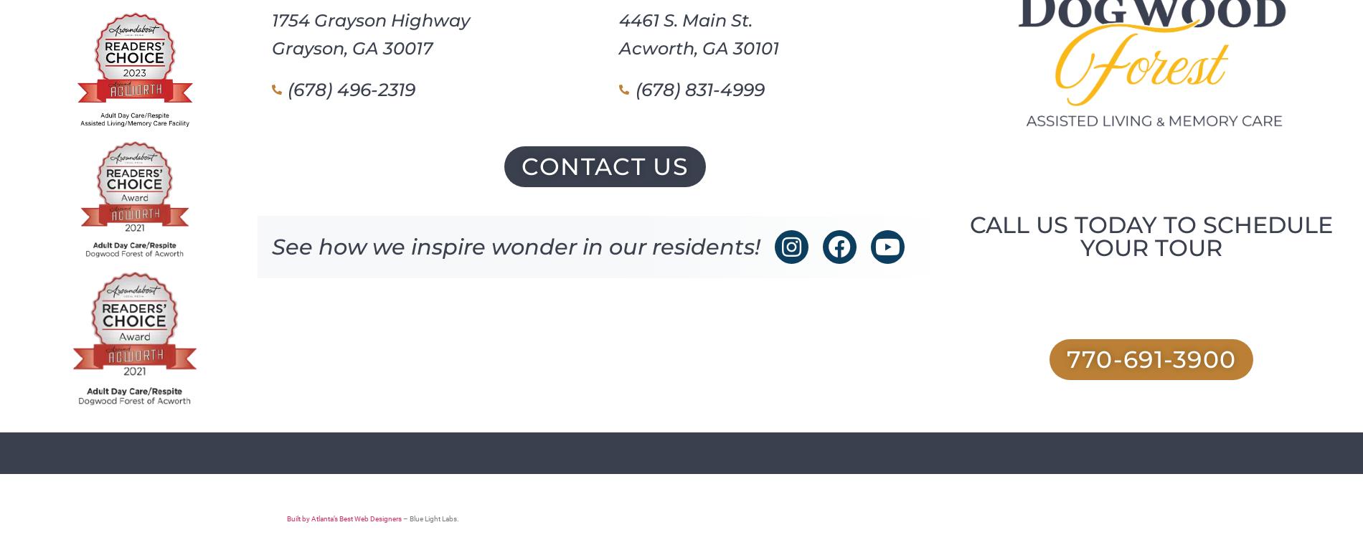 The width and height of the screenshot is (1363, 545). I want to click on '1754 Grayson Highway', so click(370, 19).